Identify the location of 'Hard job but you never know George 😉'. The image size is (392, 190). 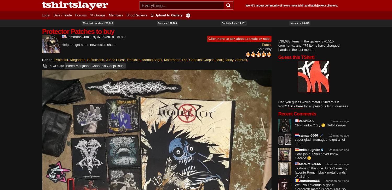
(316, 156).